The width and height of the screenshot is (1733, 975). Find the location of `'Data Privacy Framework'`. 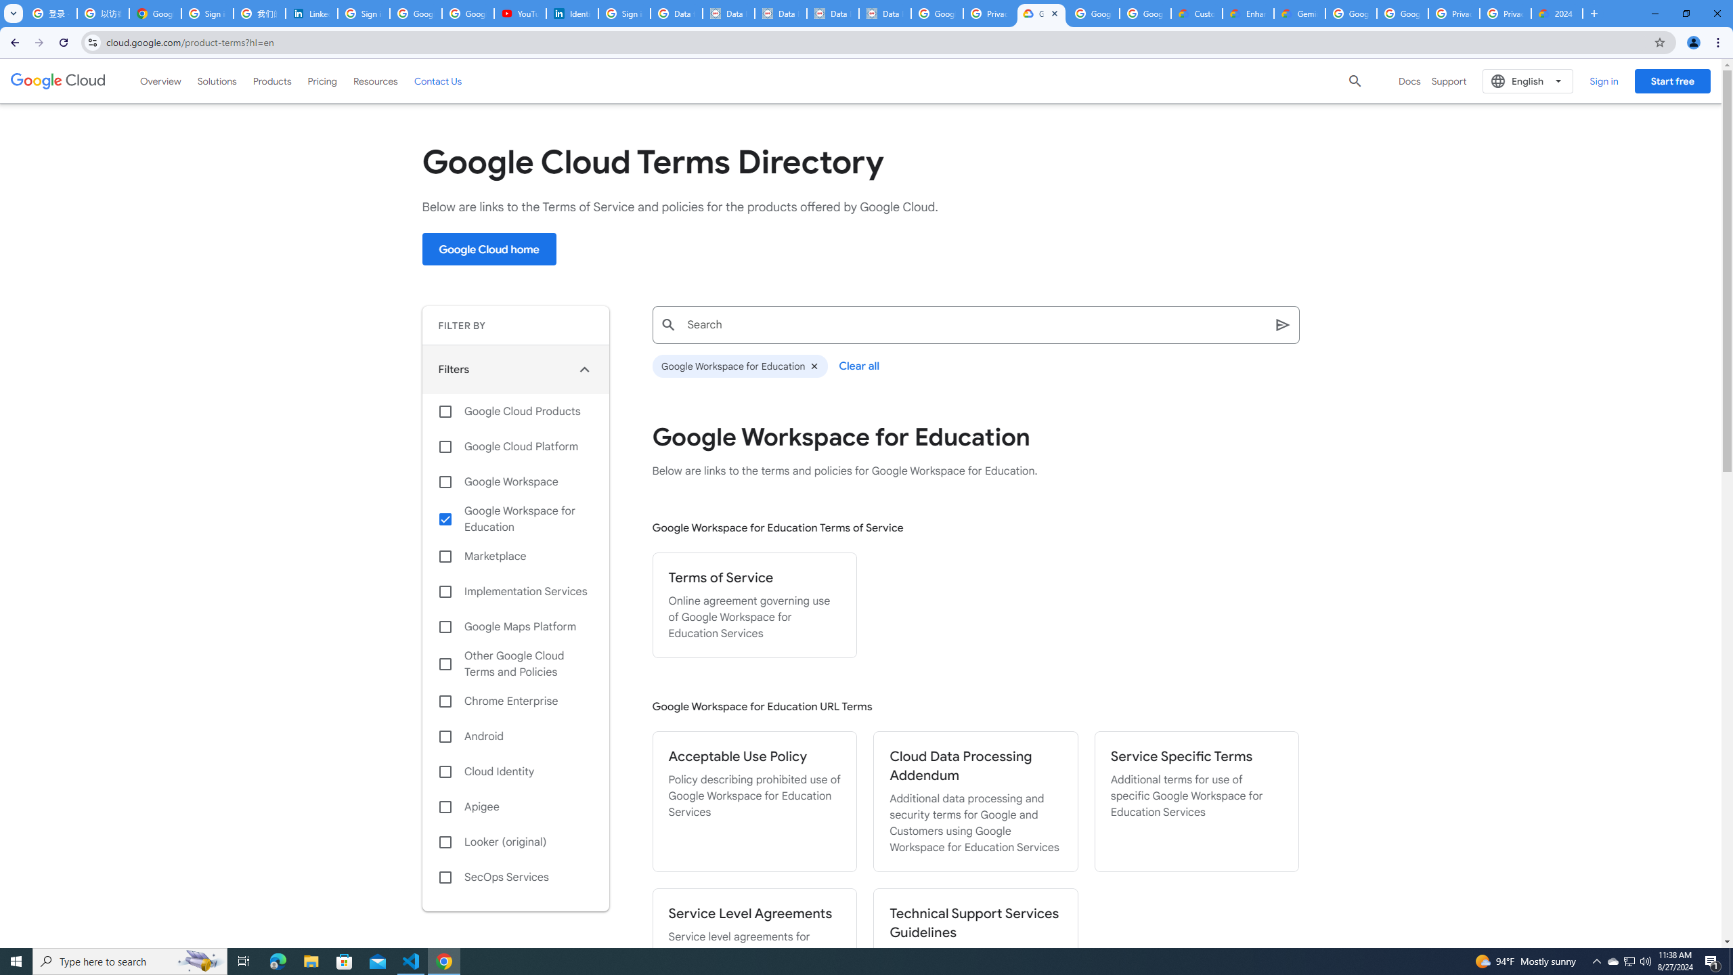

'Data Privacy Framework' is located at coordinates (781, 13).